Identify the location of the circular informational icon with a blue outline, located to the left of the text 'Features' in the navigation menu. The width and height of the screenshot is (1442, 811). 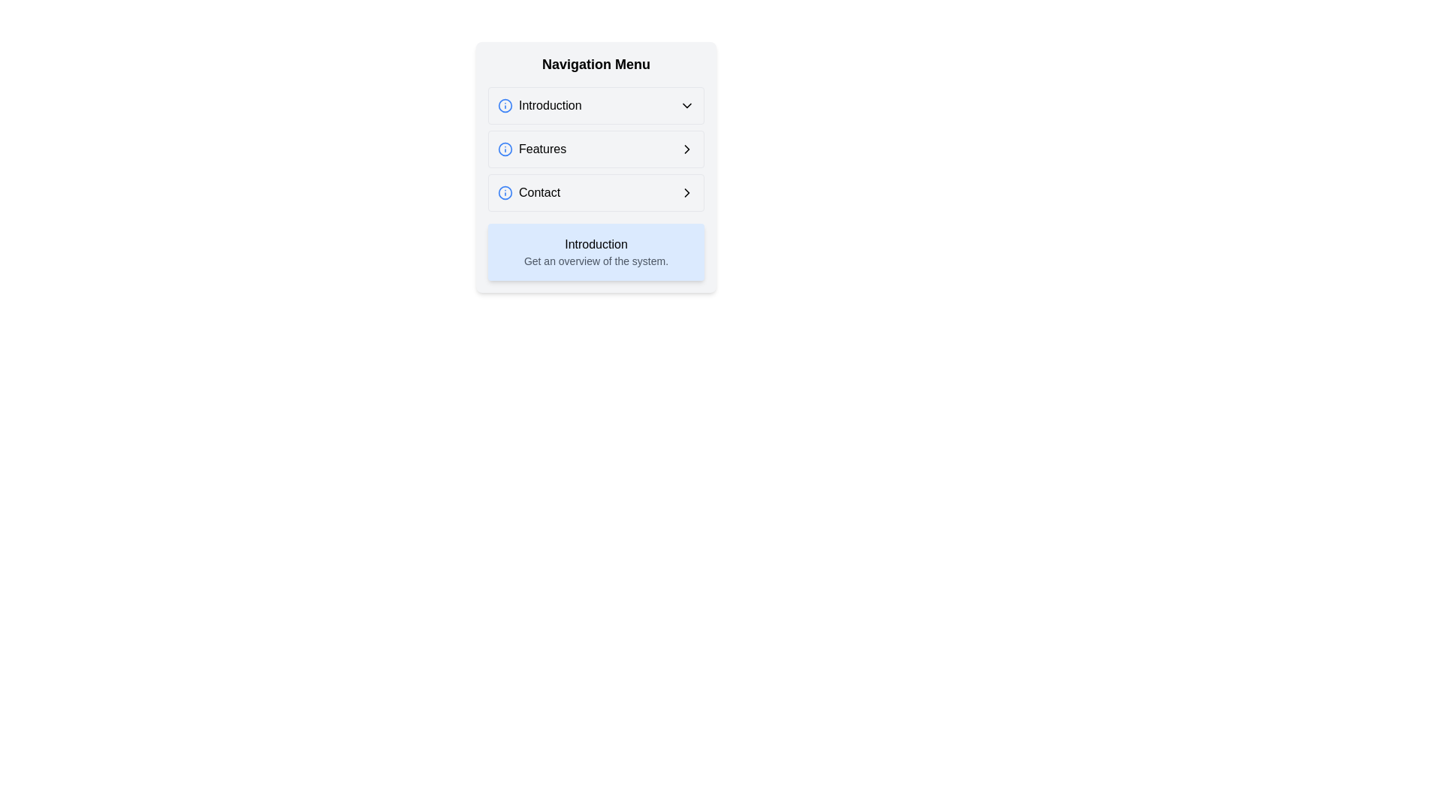
(505, 149).